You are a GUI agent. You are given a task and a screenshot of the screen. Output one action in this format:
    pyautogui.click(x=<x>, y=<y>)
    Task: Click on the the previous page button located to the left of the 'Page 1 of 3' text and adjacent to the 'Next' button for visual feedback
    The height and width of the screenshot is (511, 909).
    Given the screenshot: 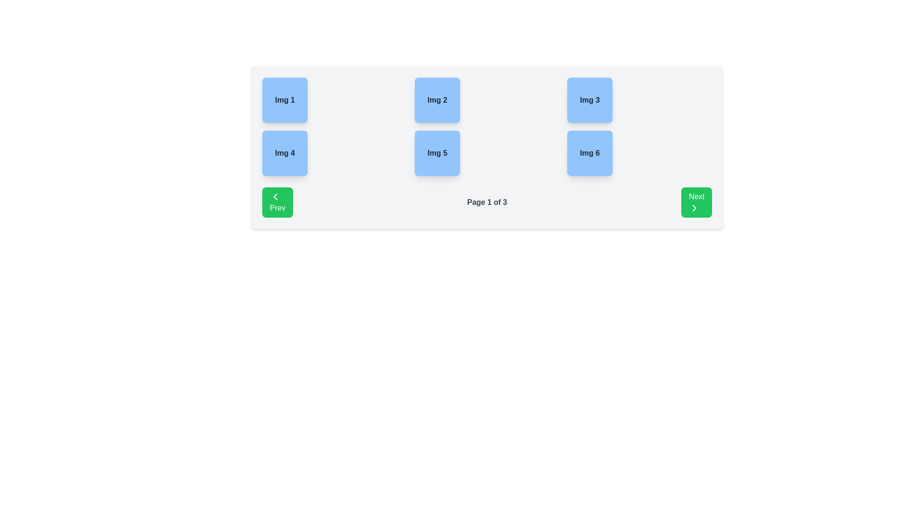 What is the action you would take?
    pyautogui.click(x=277, y=202)
    